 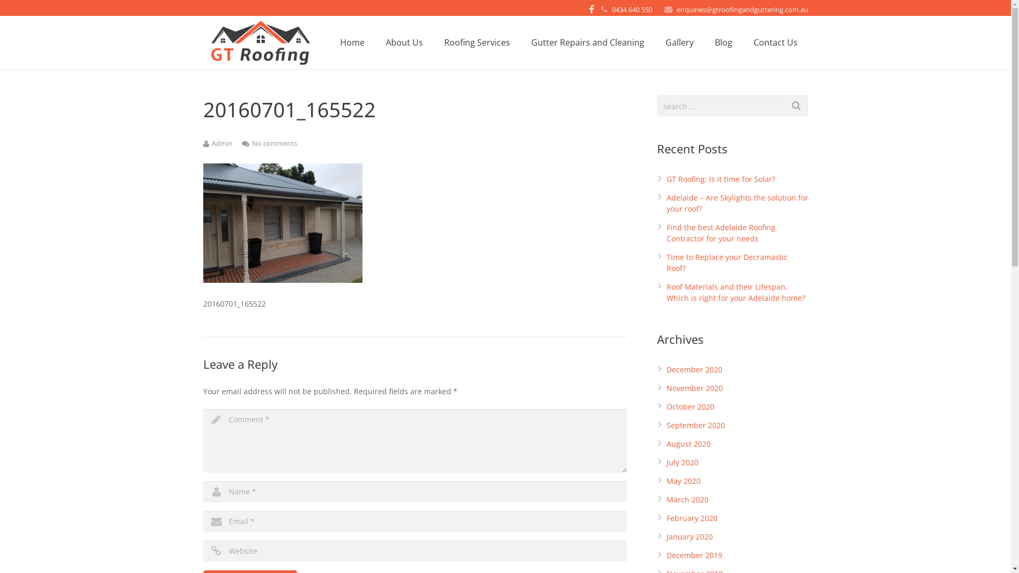 I want to click on 'About Us', so click(x=403, y=42).